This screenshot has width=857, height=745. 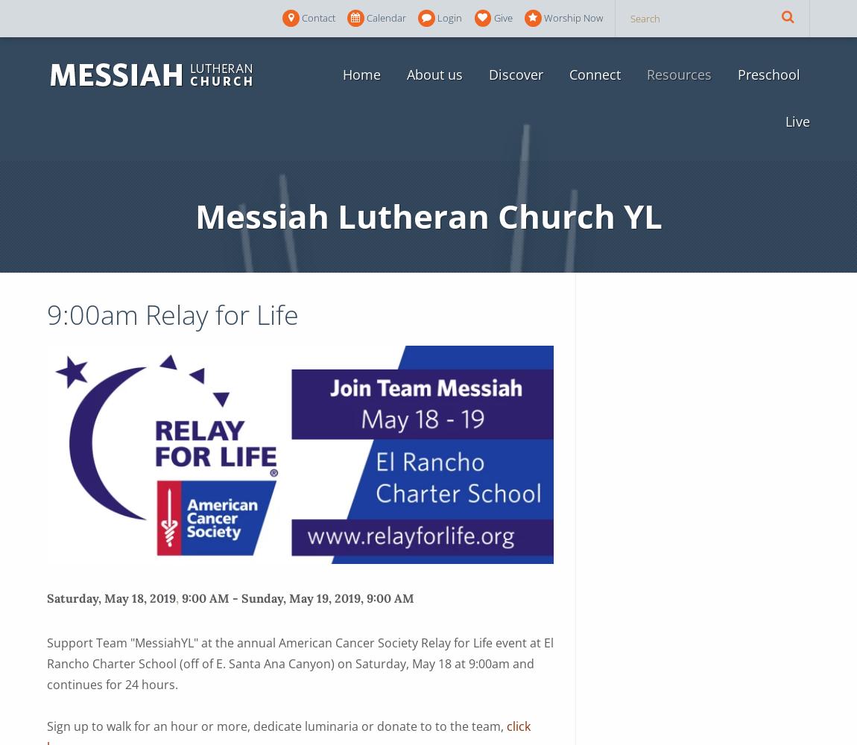 What do you see at coordinates (297, 597) in the screenshot?
I see `'9:00 AM - Sunday, May 19, 2019,  9:00 AM'` at bounding box center [297, 597].